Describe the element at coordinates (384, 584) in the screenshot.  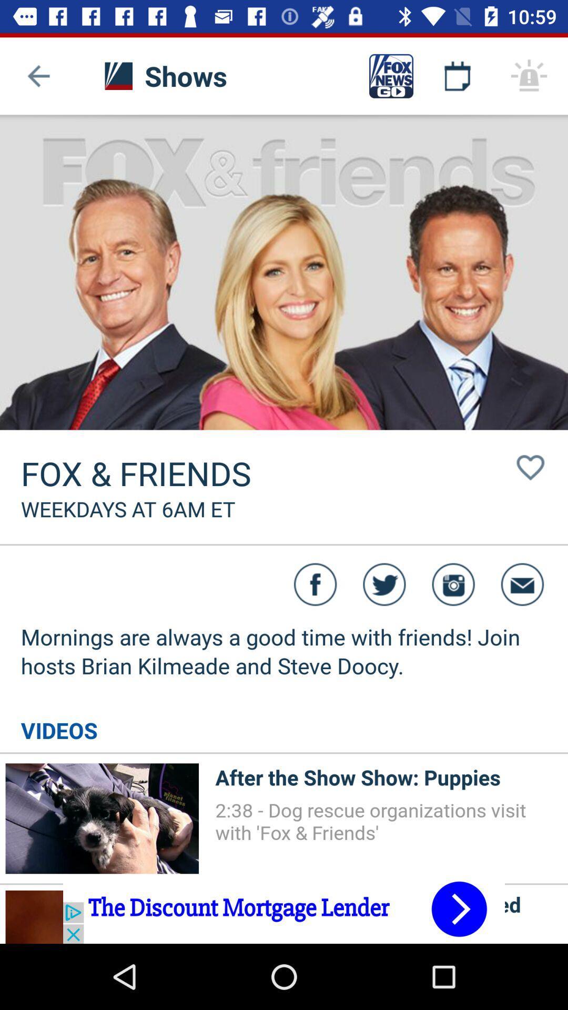
I see `the twitter icon on the page` at that location.